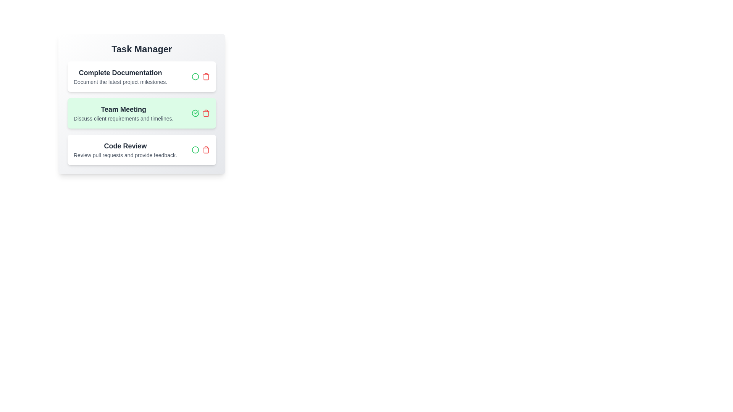 The width and height of the screenshot is (733, 412). I want to click on the task titled 'Complete Documentation' by clicking its delete button, so click(206, 76).